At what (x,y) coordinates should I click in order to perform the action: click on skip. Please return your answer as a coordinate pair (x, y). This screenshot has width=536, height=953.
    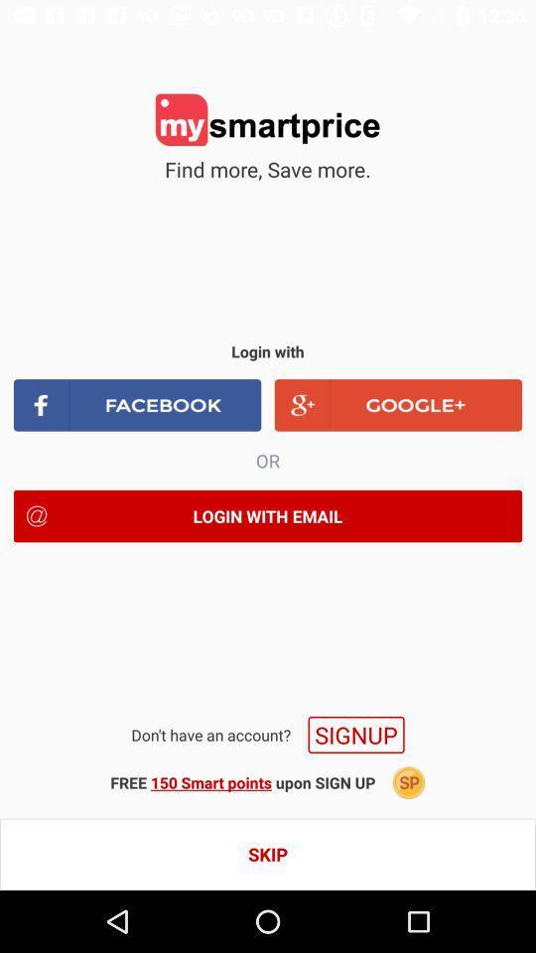
    Looking at the image, I should click on (268, 853).